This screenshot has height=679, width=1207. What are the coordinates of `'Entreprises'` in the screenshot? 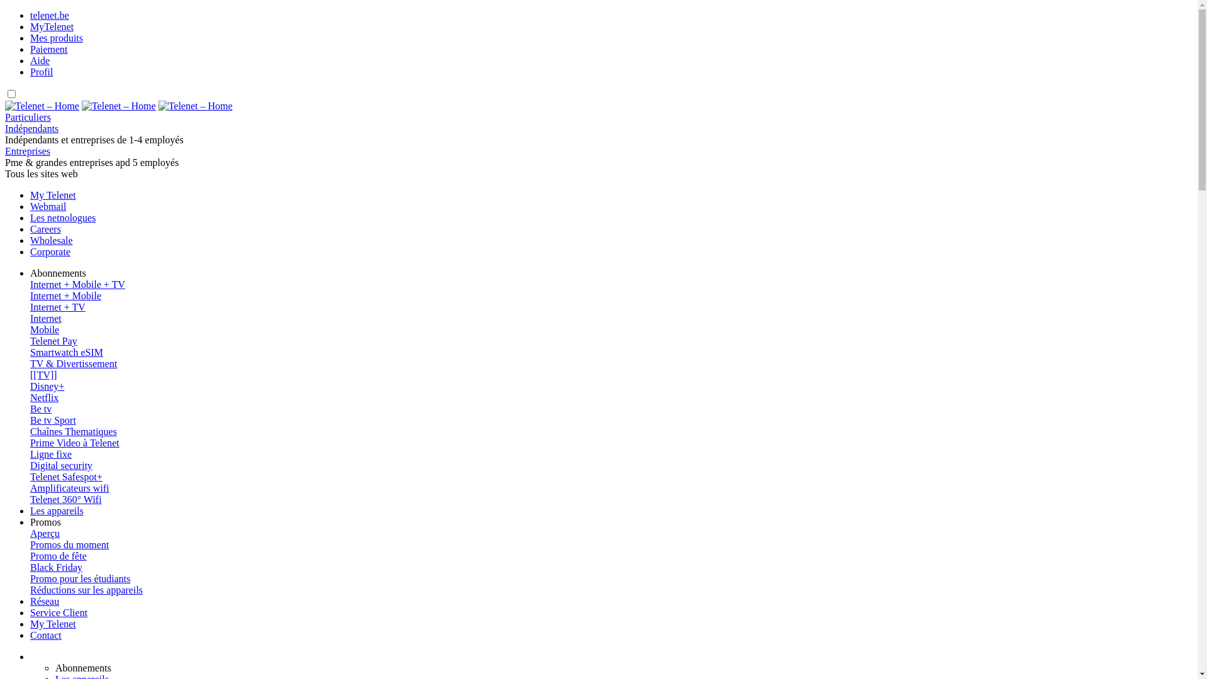 It's located at (27, 150).